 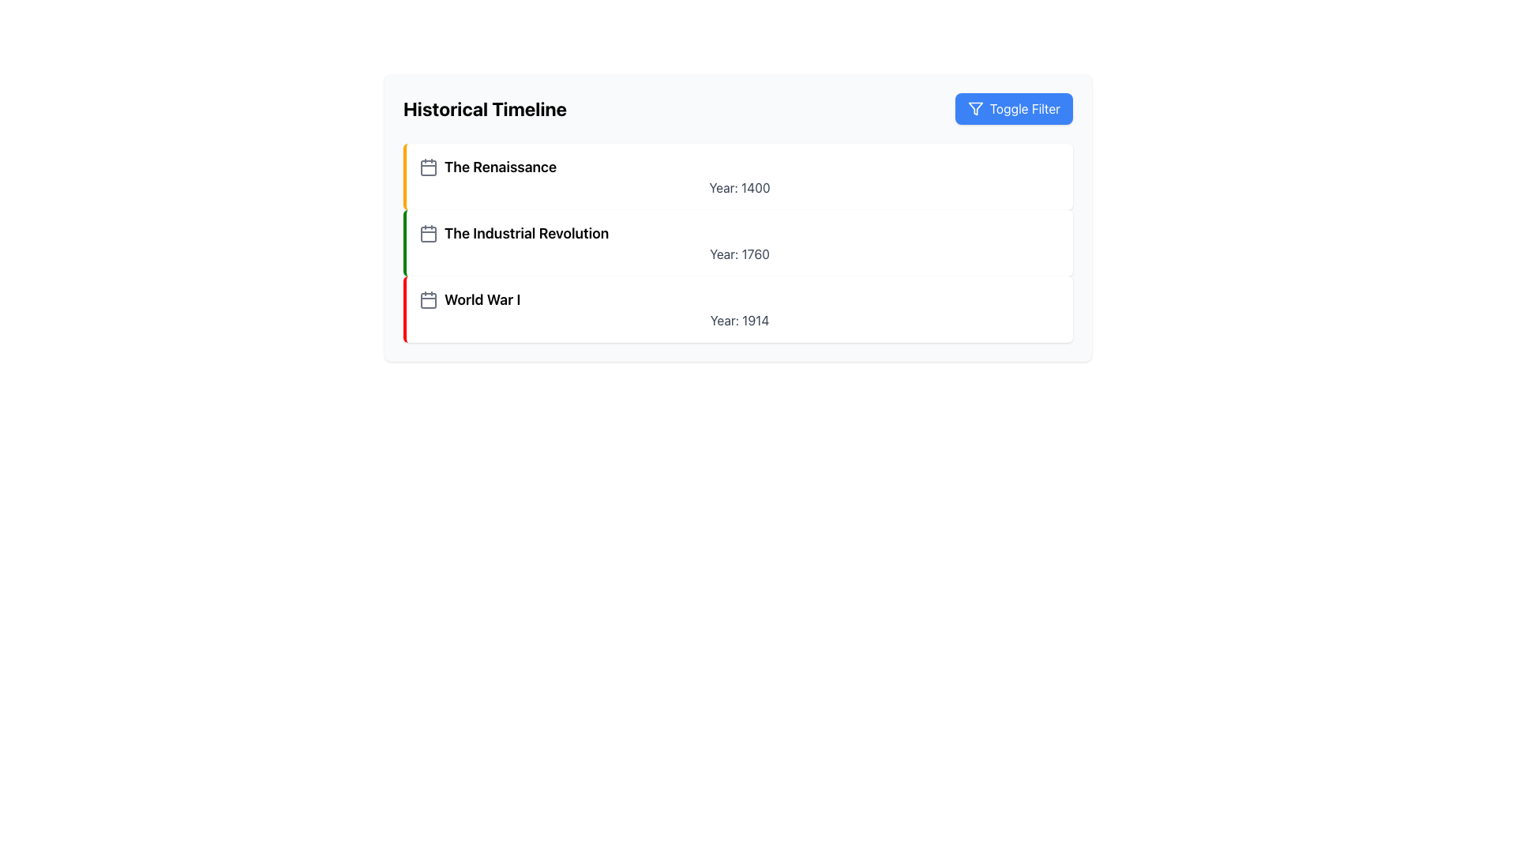 What do you see at coordinates (428, 234) in the screenshot?
I see `the calendar icon located to the left of the text 'The Industrial Revolution' in the middle section of the historical events column` at bounding box center [428, 234].